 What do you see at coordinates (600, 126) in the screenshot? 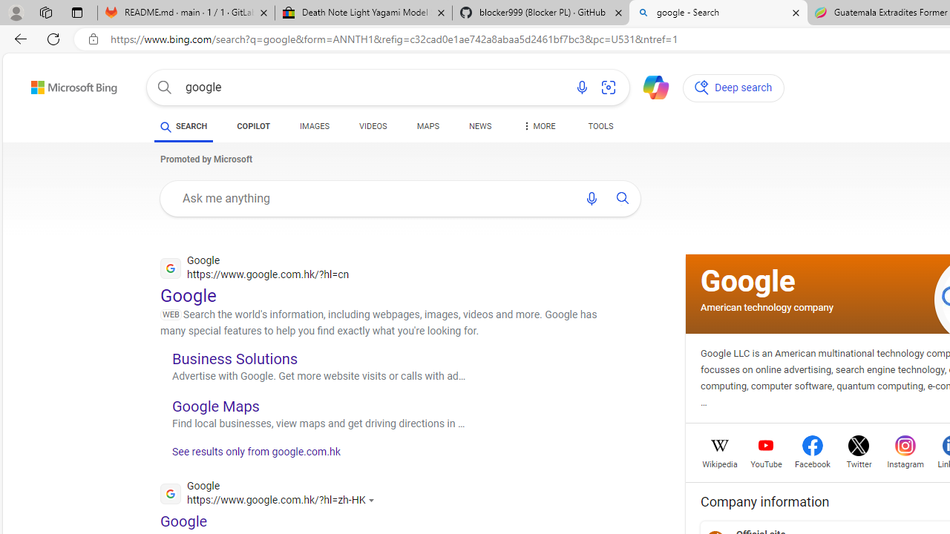
I see `'TOOLS'` at bounding box center [600, 126].